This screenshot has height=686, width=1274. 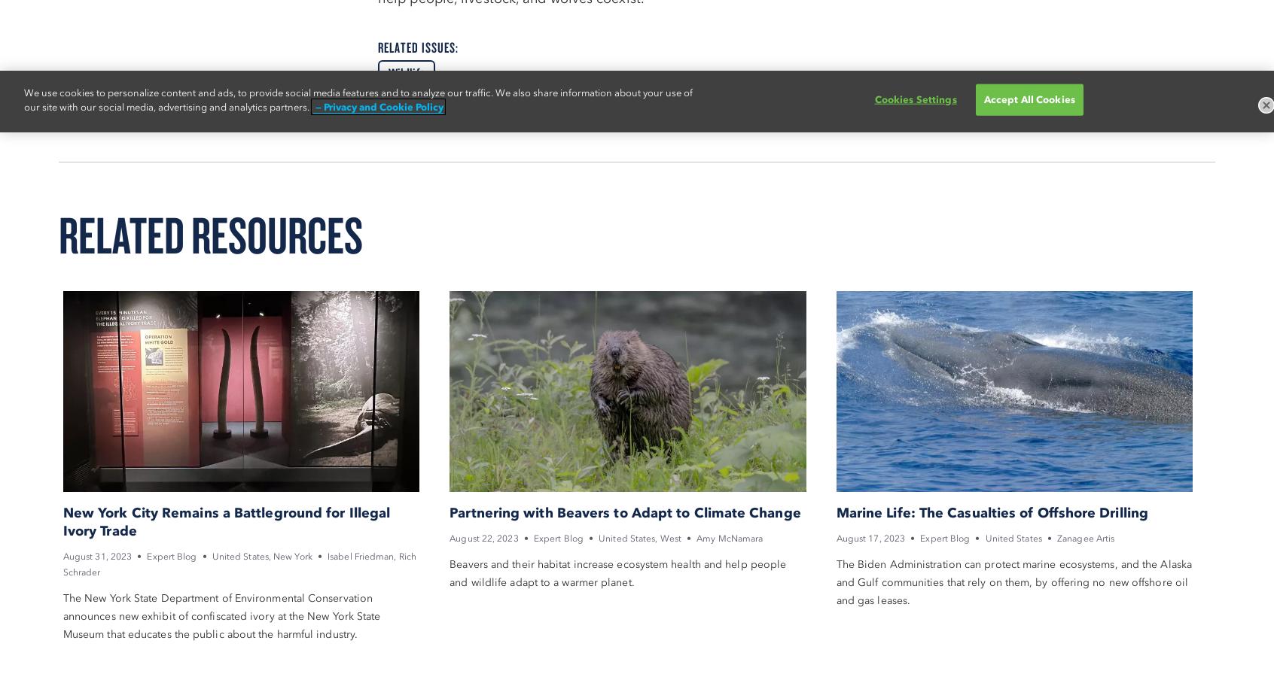 What do you see at coordinates (835, 511) in the screenshot?
I see `'Marine Life: The Casualties of Offshore Drilling'` at bounding box center [835, 511].